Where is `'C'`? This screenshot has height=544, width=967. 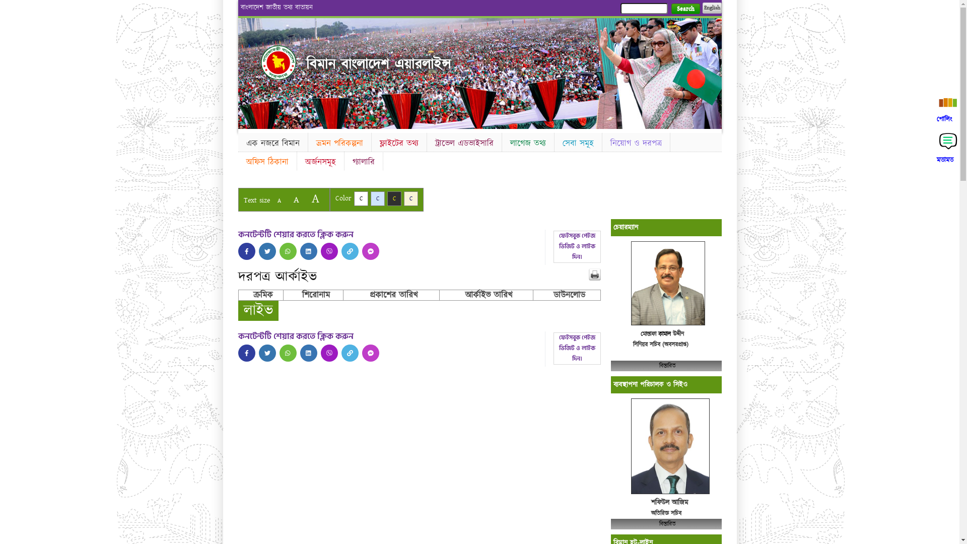 'C' is located at coordinates (353, 198).